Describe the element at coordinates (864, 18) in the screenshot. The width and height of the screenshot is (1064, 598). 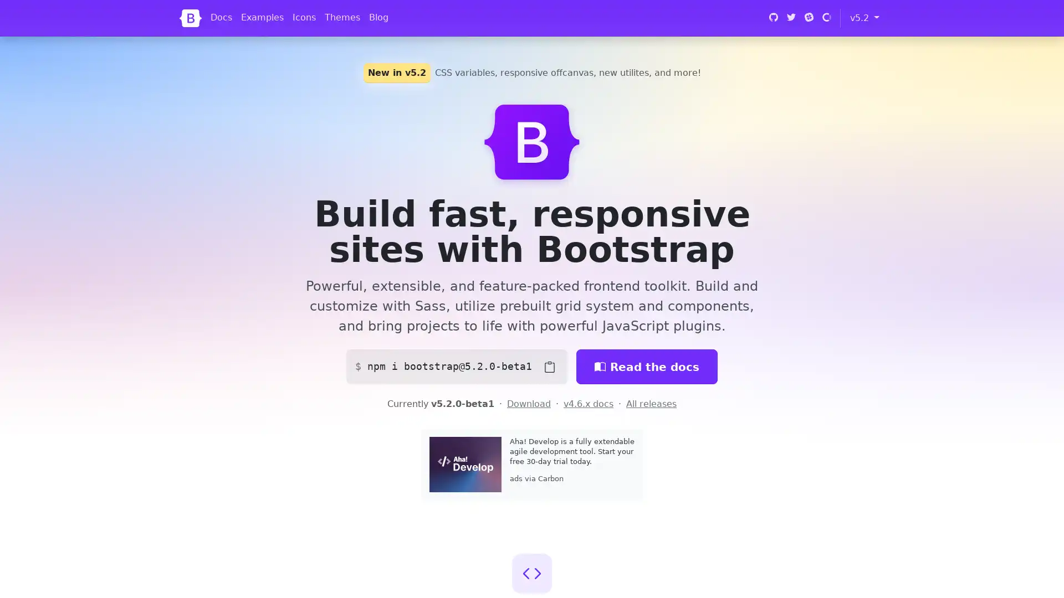
I see `v5.2` at that location.